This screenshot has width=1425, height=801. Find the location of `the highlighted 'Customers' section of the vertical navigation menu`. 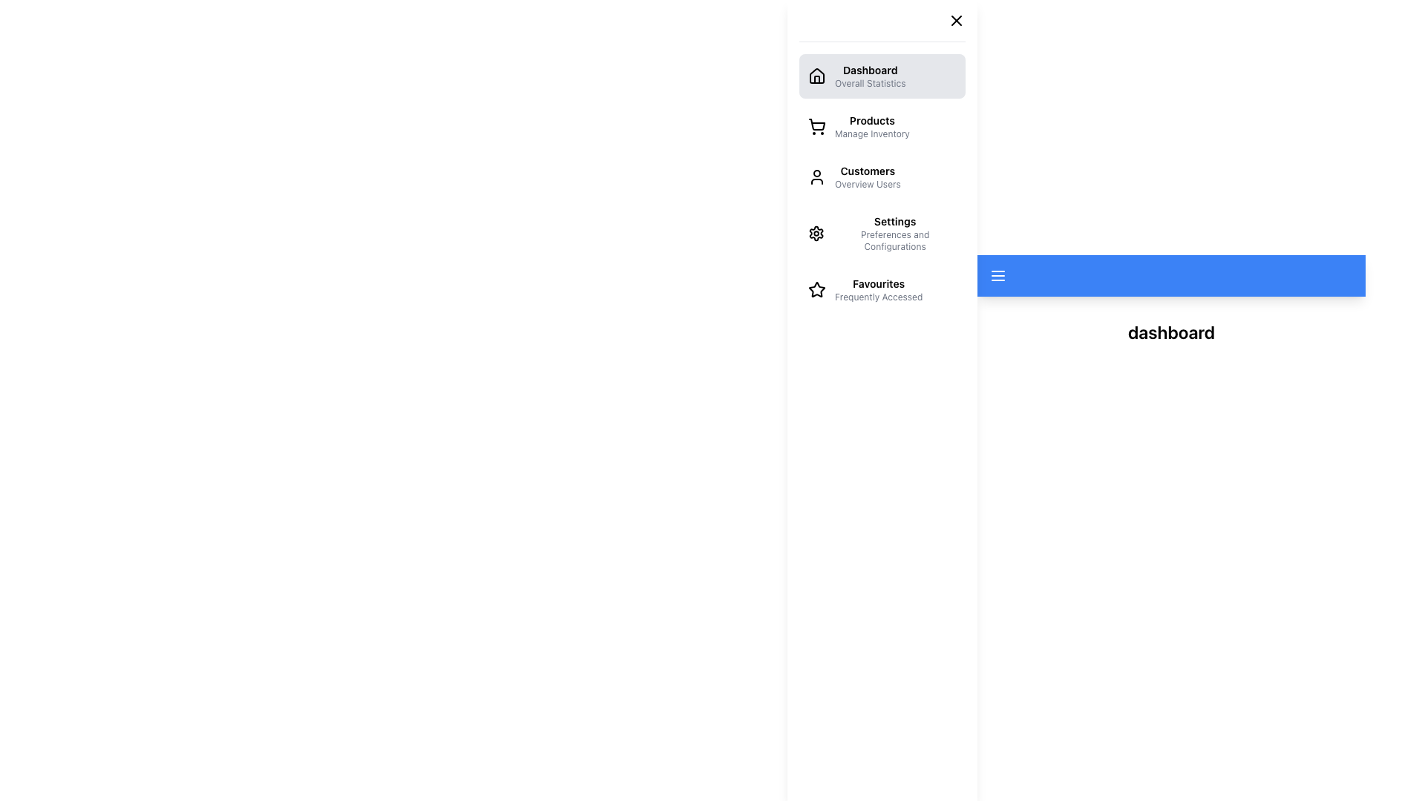

the highlighted 'Customers' section of the vertical navigation menu is located at coordinates (882, 182).